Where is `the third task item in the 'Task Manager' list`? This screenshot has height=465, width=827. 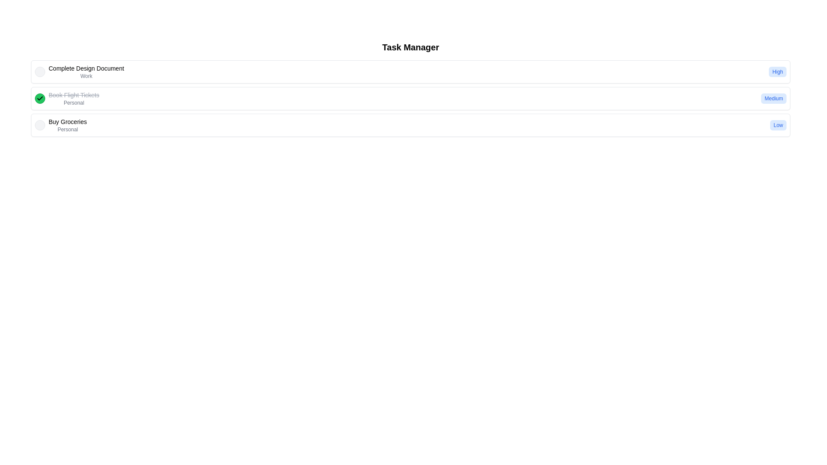
the third task item in the 'Task Manager' list is located at coordinates (60, 125).